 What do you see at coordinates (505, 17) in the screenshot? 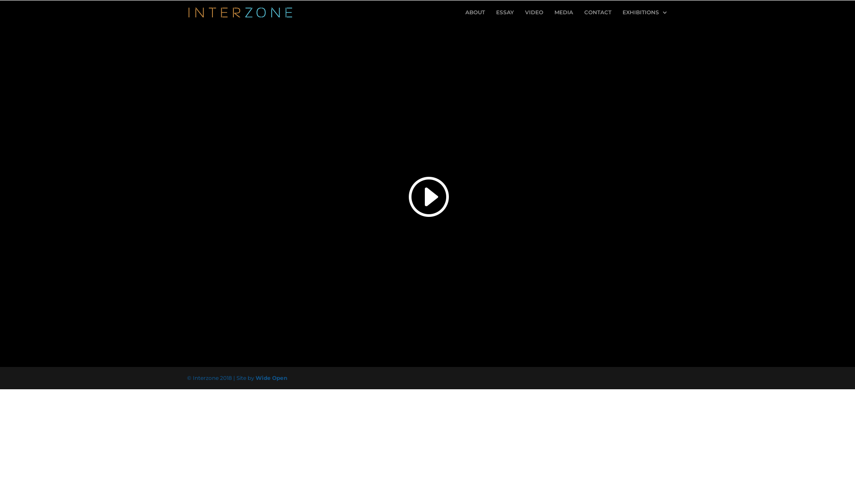
I see `'ESSAY'` at bounding box center [505, 17].